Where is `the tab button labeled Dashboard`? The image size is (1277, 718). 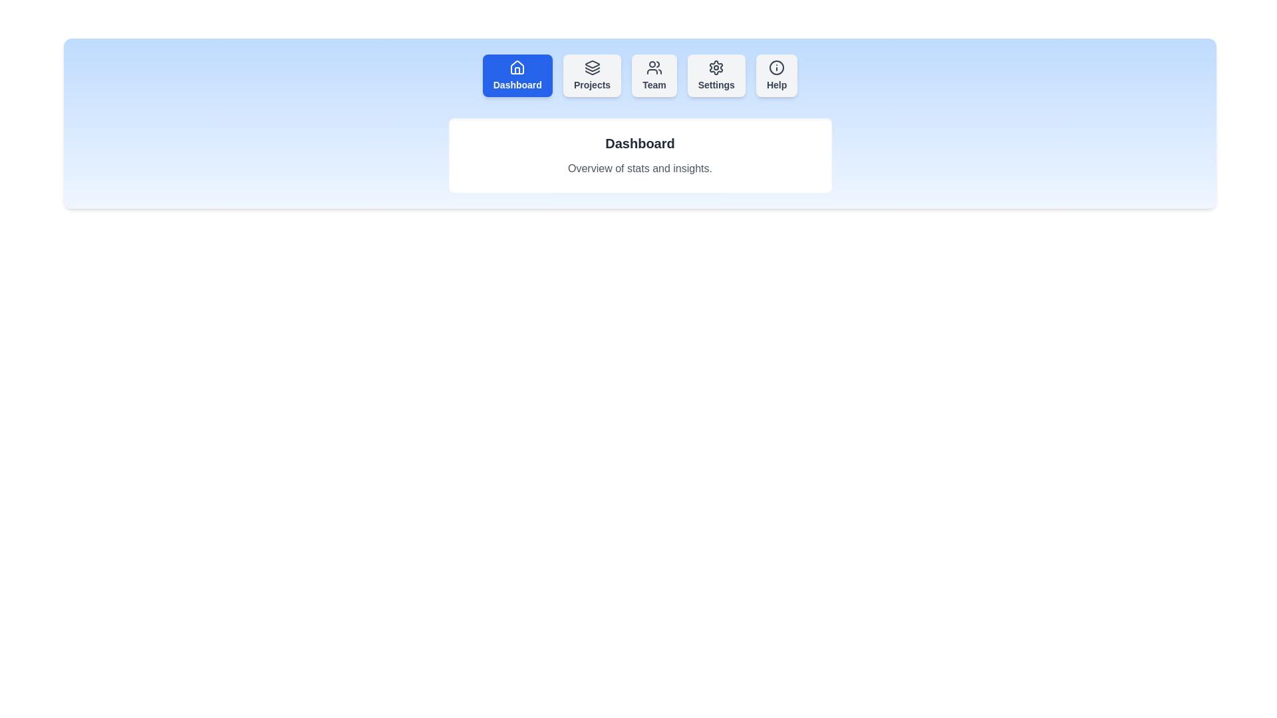
the tab button labeled Dashboard is located at coordinates (516, 76).